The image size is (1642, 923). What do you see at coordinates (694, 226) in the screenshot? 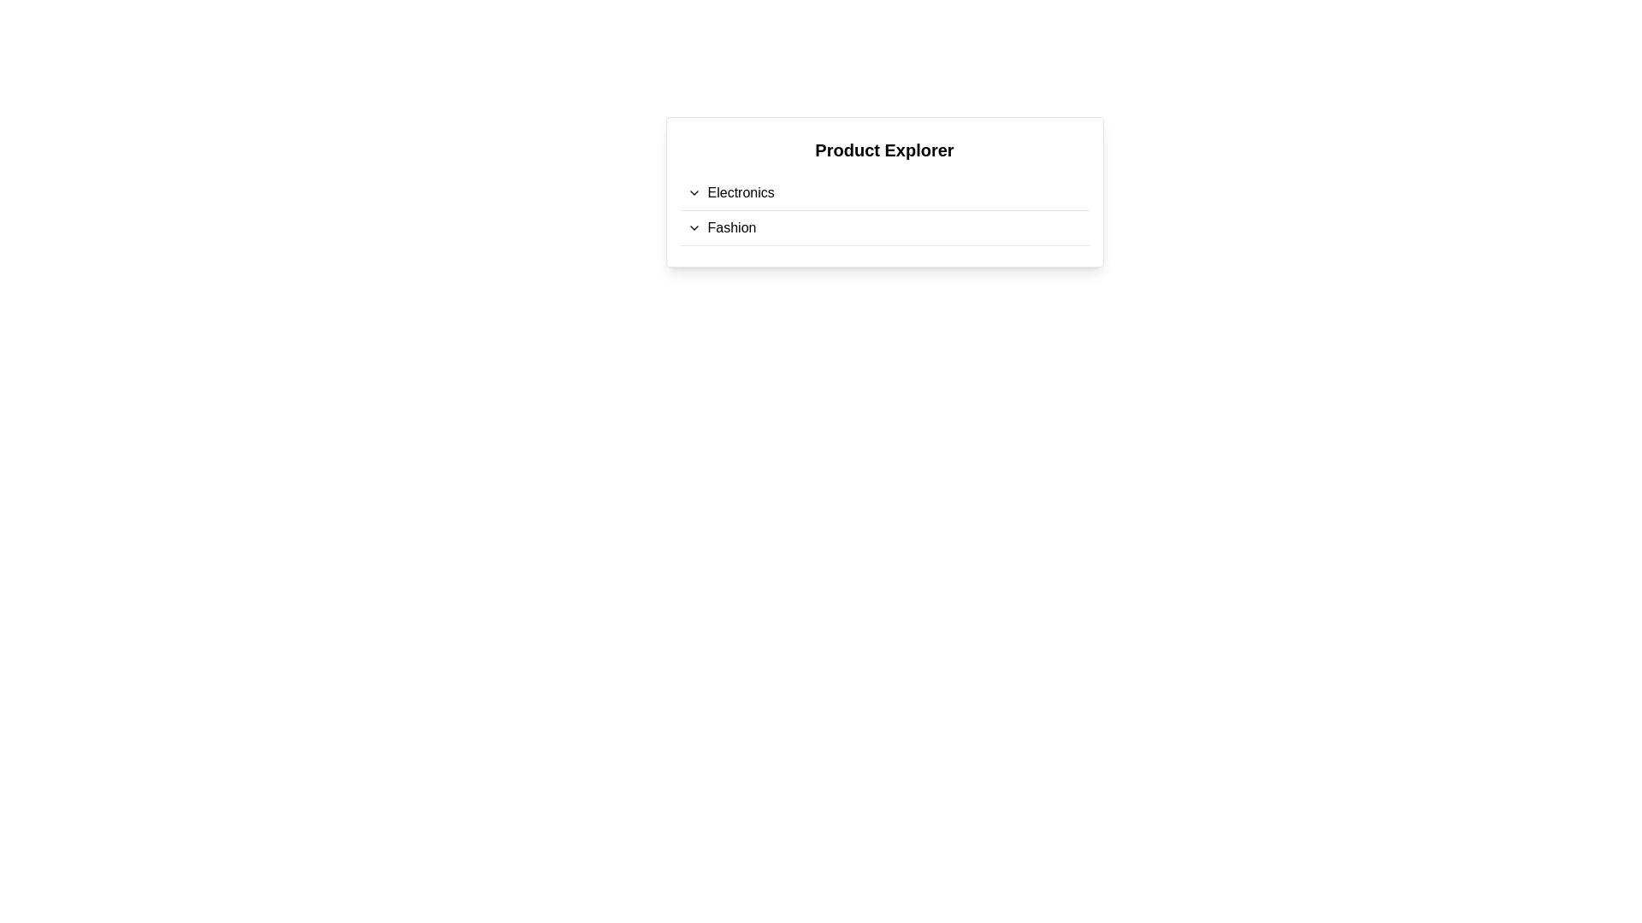
I see `the dropdown indicator icon` at bounding box center [694, 226].